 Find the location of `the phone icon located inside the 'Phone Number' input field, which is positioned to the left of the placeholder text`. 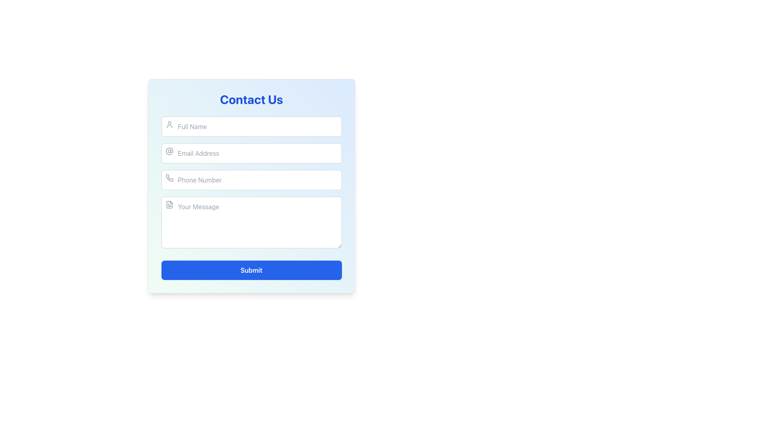

the phone icon located inside the 'Phone Number' input field, which is positioned to the left of the placeholder text is located at coordinates (169, 177).